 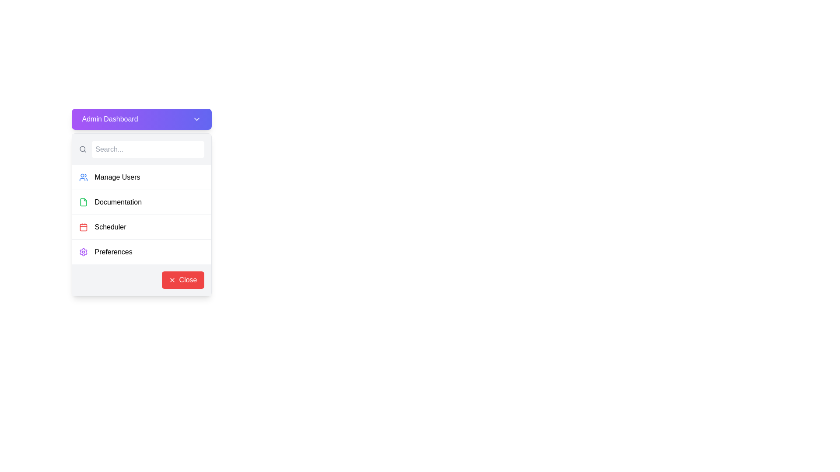 I want to click on the 'Documentation' menu item, which is the second item in the drop-down menu, so click(x=141, y=202).